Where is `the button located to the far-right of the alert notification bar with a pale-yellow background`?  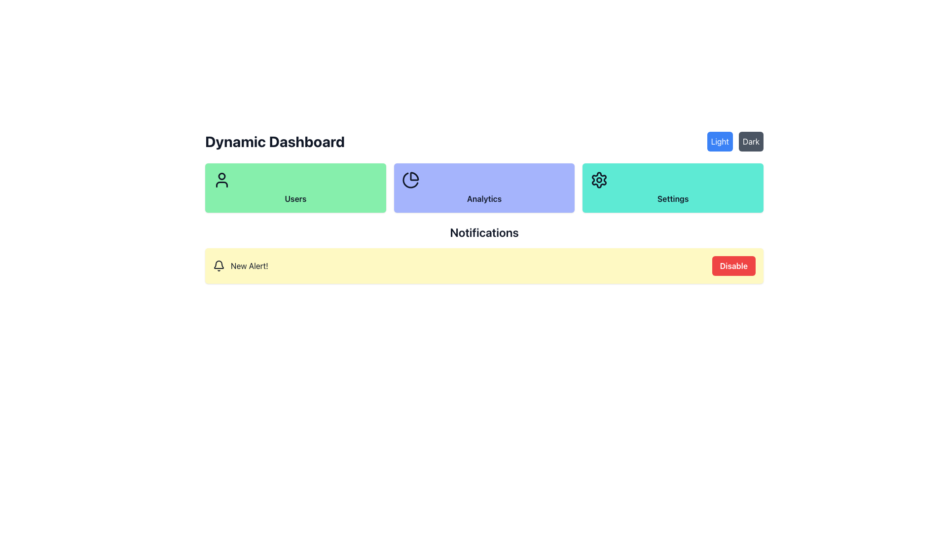
the button located to the far-right of the alert notification bar with a pale-yellow background is located at coordinates (733, 266).